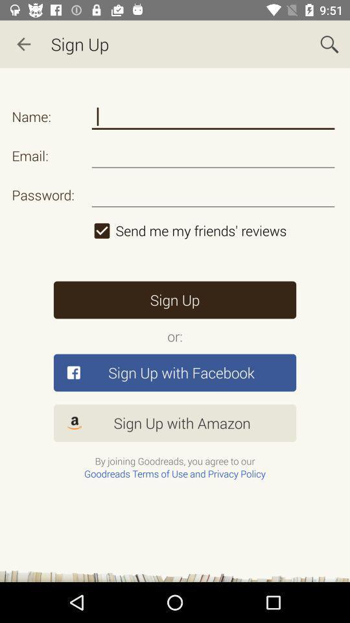 This screenshot has width=350, height=623. Describe the element at coordinates (329, 44) in the screenshot. I see `the search icon` at that location.